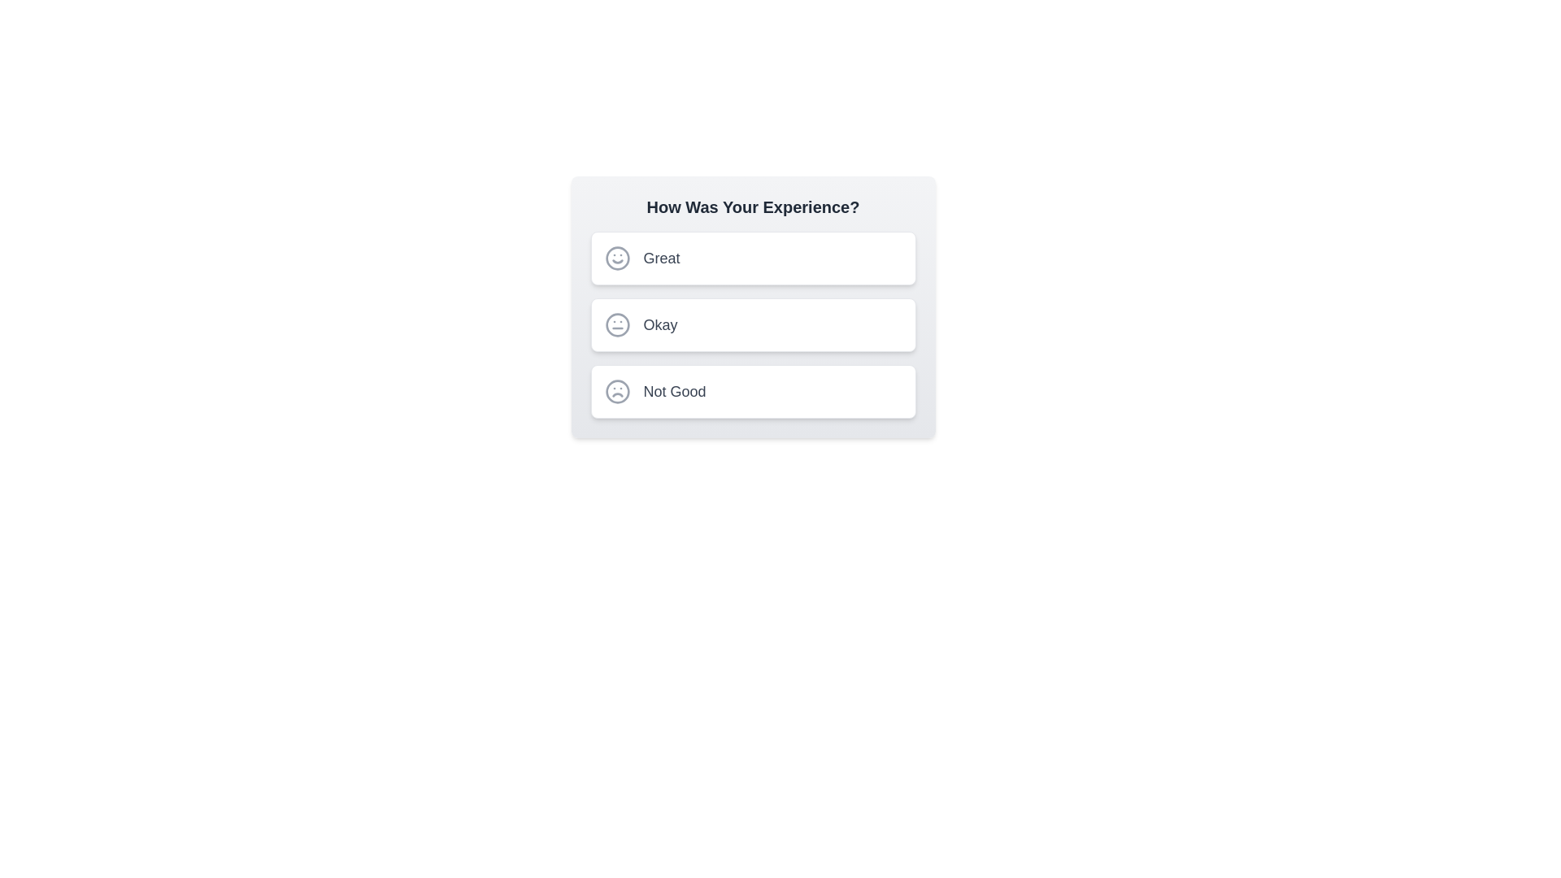 The image size is (1561, 878). I want to click on title text element that serves as a header for the options below it, positioned centrally above selectable options, so click(752, 206).